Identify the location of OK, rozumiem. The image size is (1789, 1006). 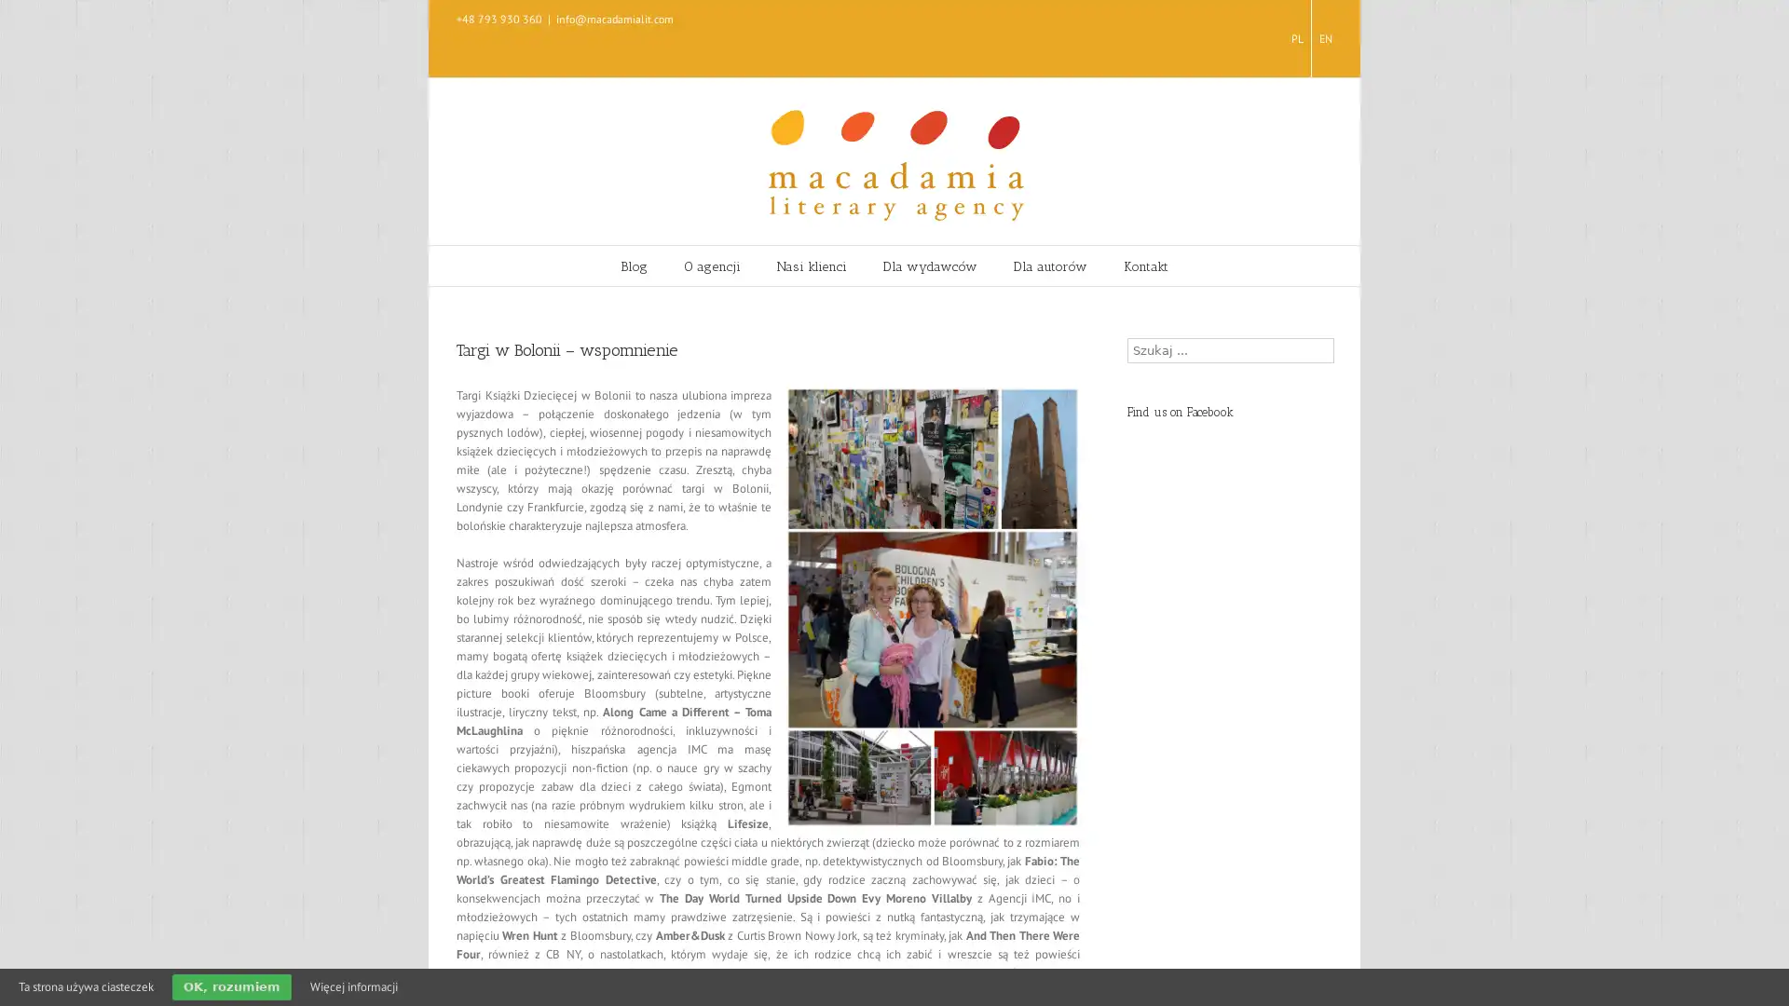
(231, 986).